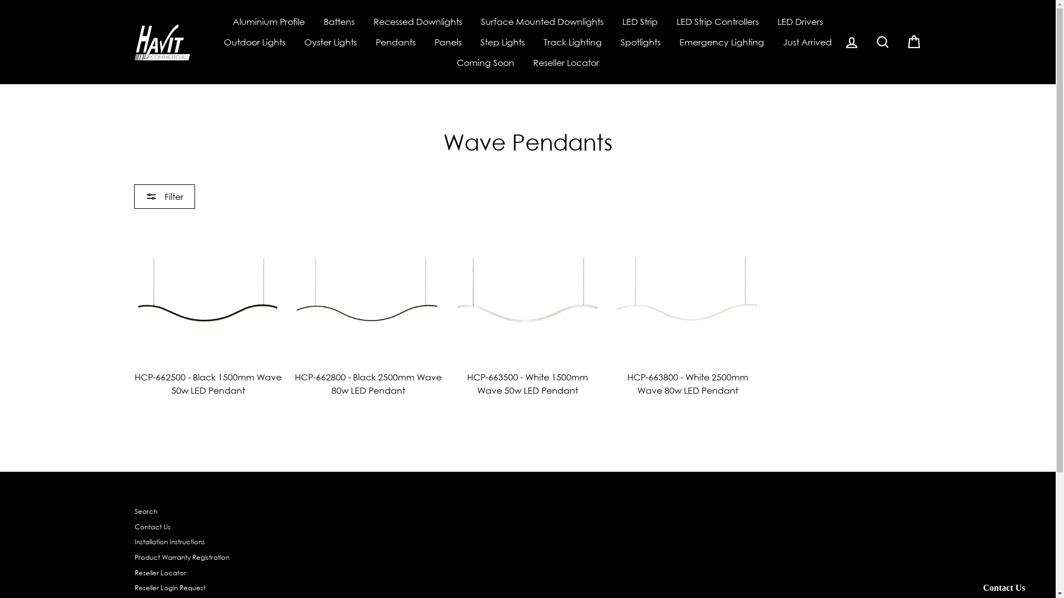  What do you see at coordinates (338, 21) in the screenshot?
I see `'Battens'` at bounding box center [338, 21].